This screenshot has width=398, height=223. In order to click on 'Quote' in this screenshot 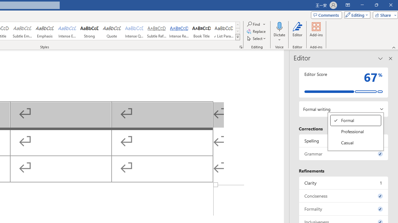, I will do `click(112, 31)`.